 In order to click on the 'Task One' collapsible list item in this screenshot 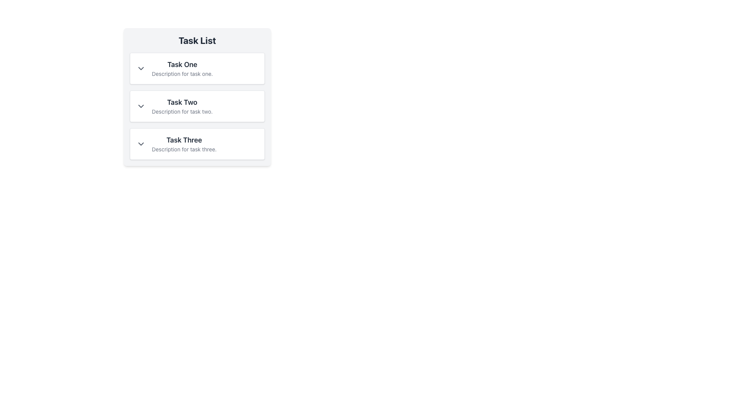, I will do `click(197, 68)`.